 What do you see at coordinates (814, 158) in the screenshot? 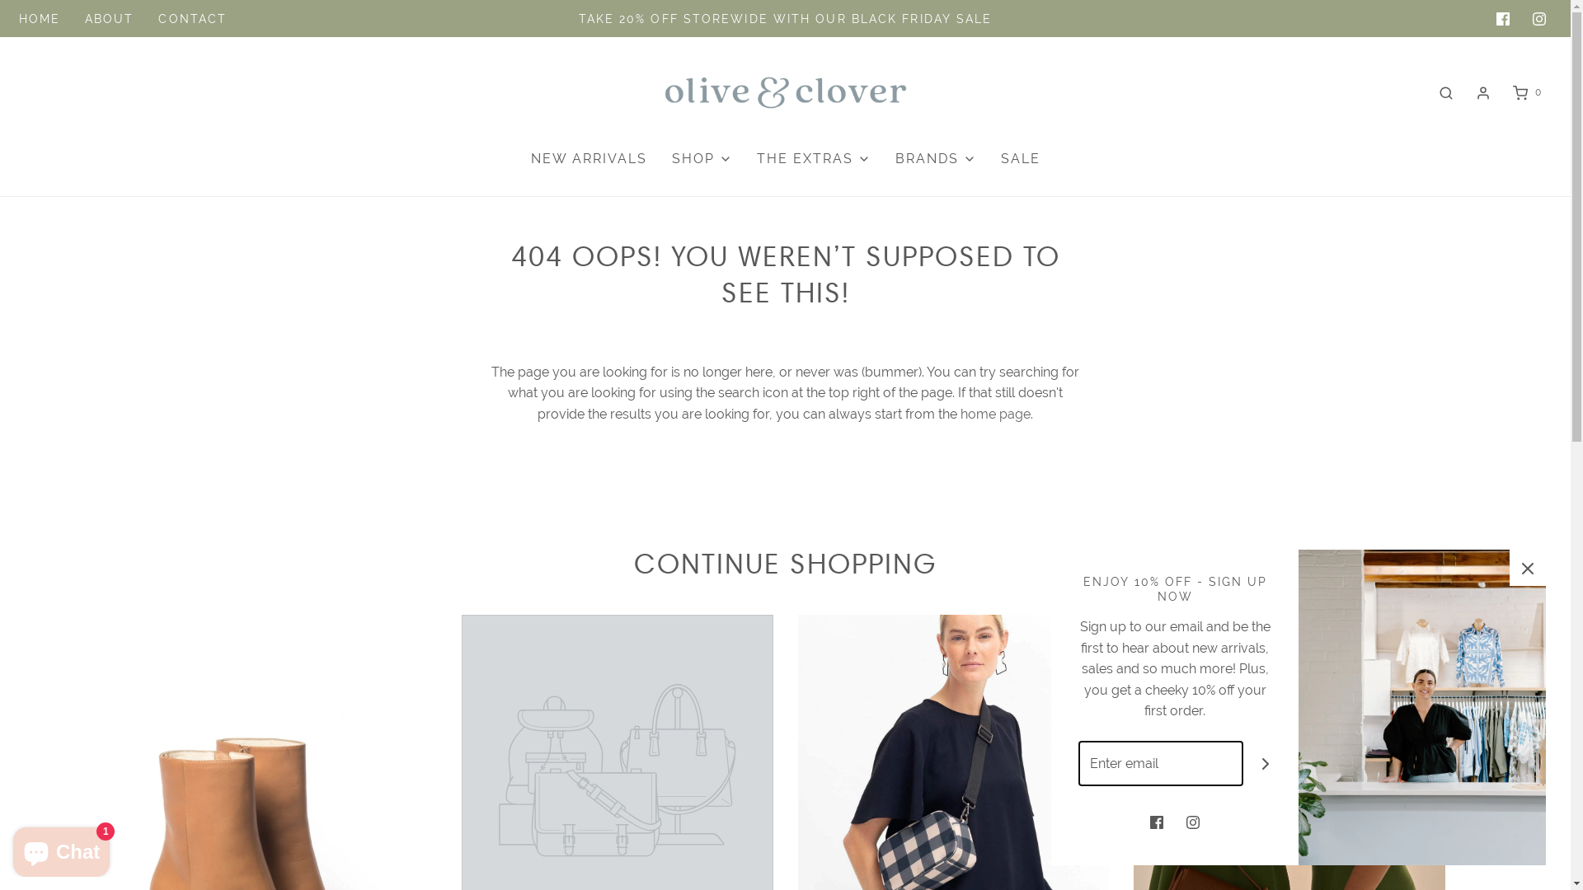
I see `'THE EXTRAS'` at bounding box center [814, 158].